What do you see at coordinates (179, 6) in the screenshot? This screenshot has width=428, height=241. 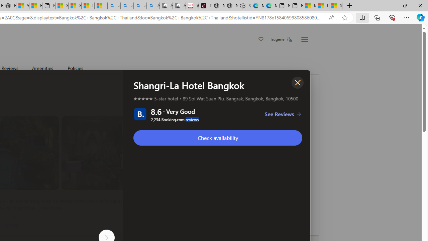 I see `'All Cubot phones'` at bounding box center [179, 6].